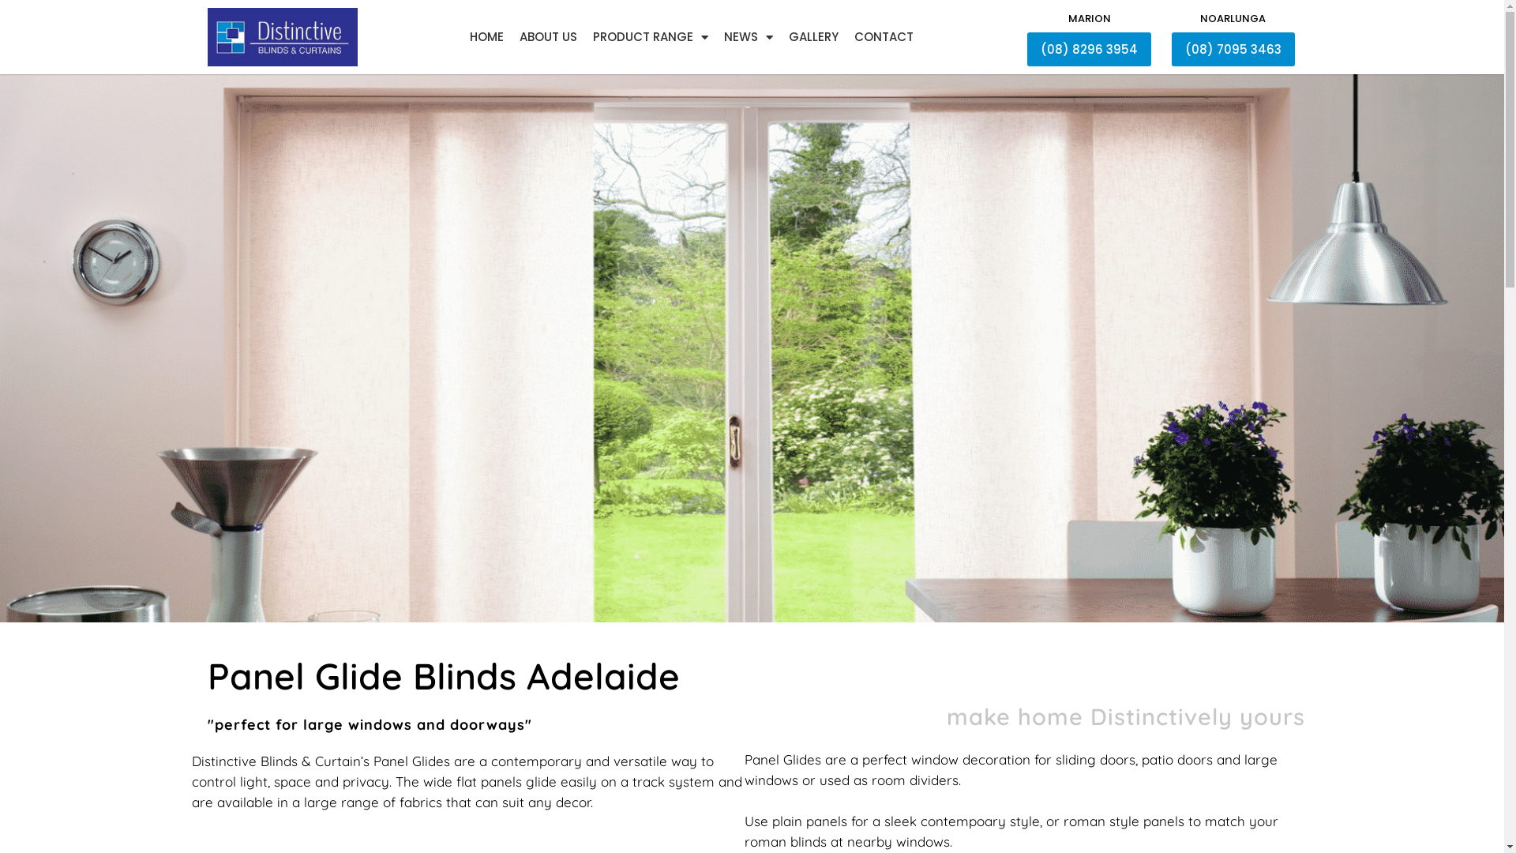  Describe the element at coordinates (649, 36) in the screenshot. I see `'PRODUCT RANGE'` at that location.